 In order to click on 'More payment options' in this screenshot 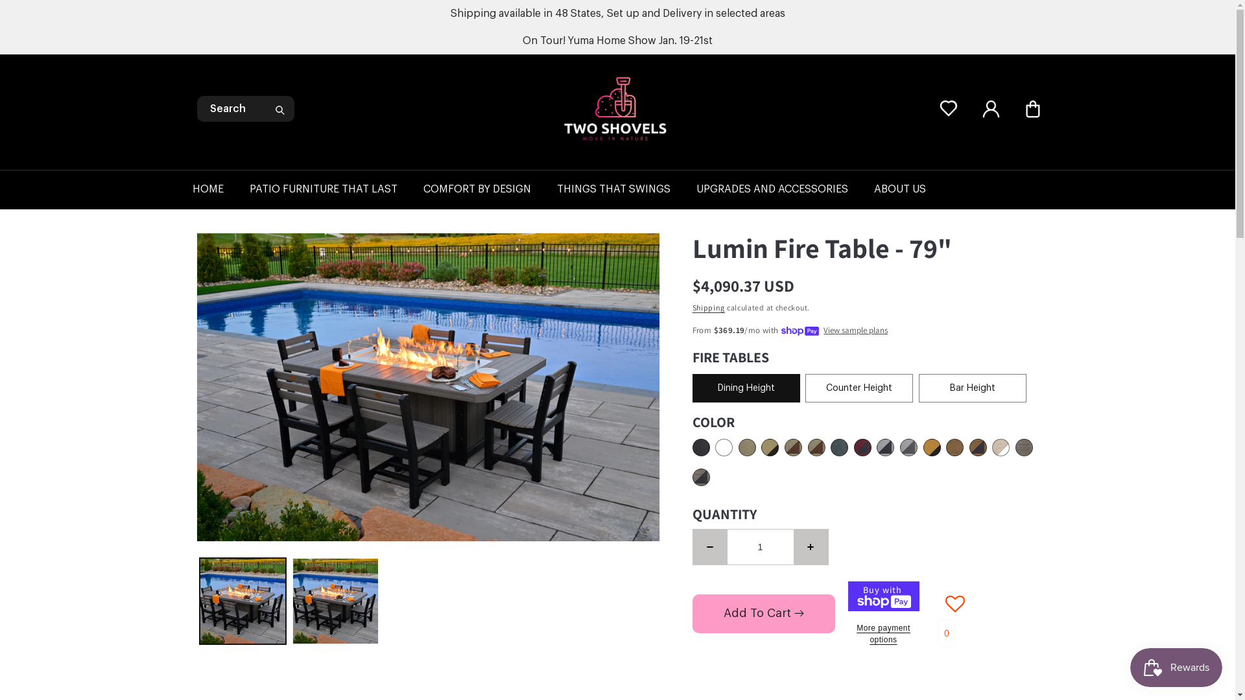, I will do `click(883, 633)`.